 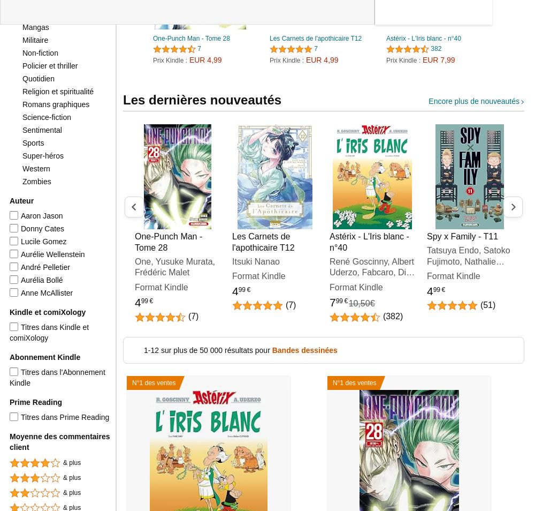 I want to click on '4.4 étoiles sur 5', so click(x=406, y=51).